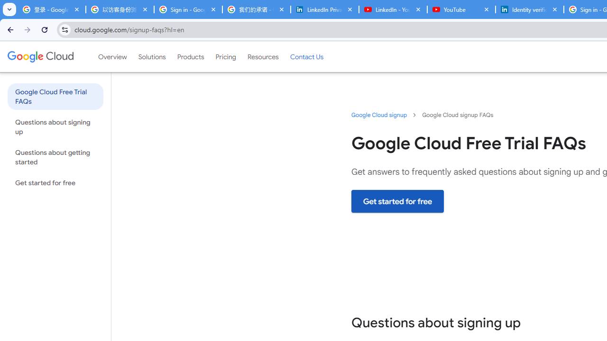 The width and height of the screenshot is (607, 341). What do you see at coordinates (398, 201) in the screenshot?
I see `'Get started for free'` at bounding box center [398, 201].